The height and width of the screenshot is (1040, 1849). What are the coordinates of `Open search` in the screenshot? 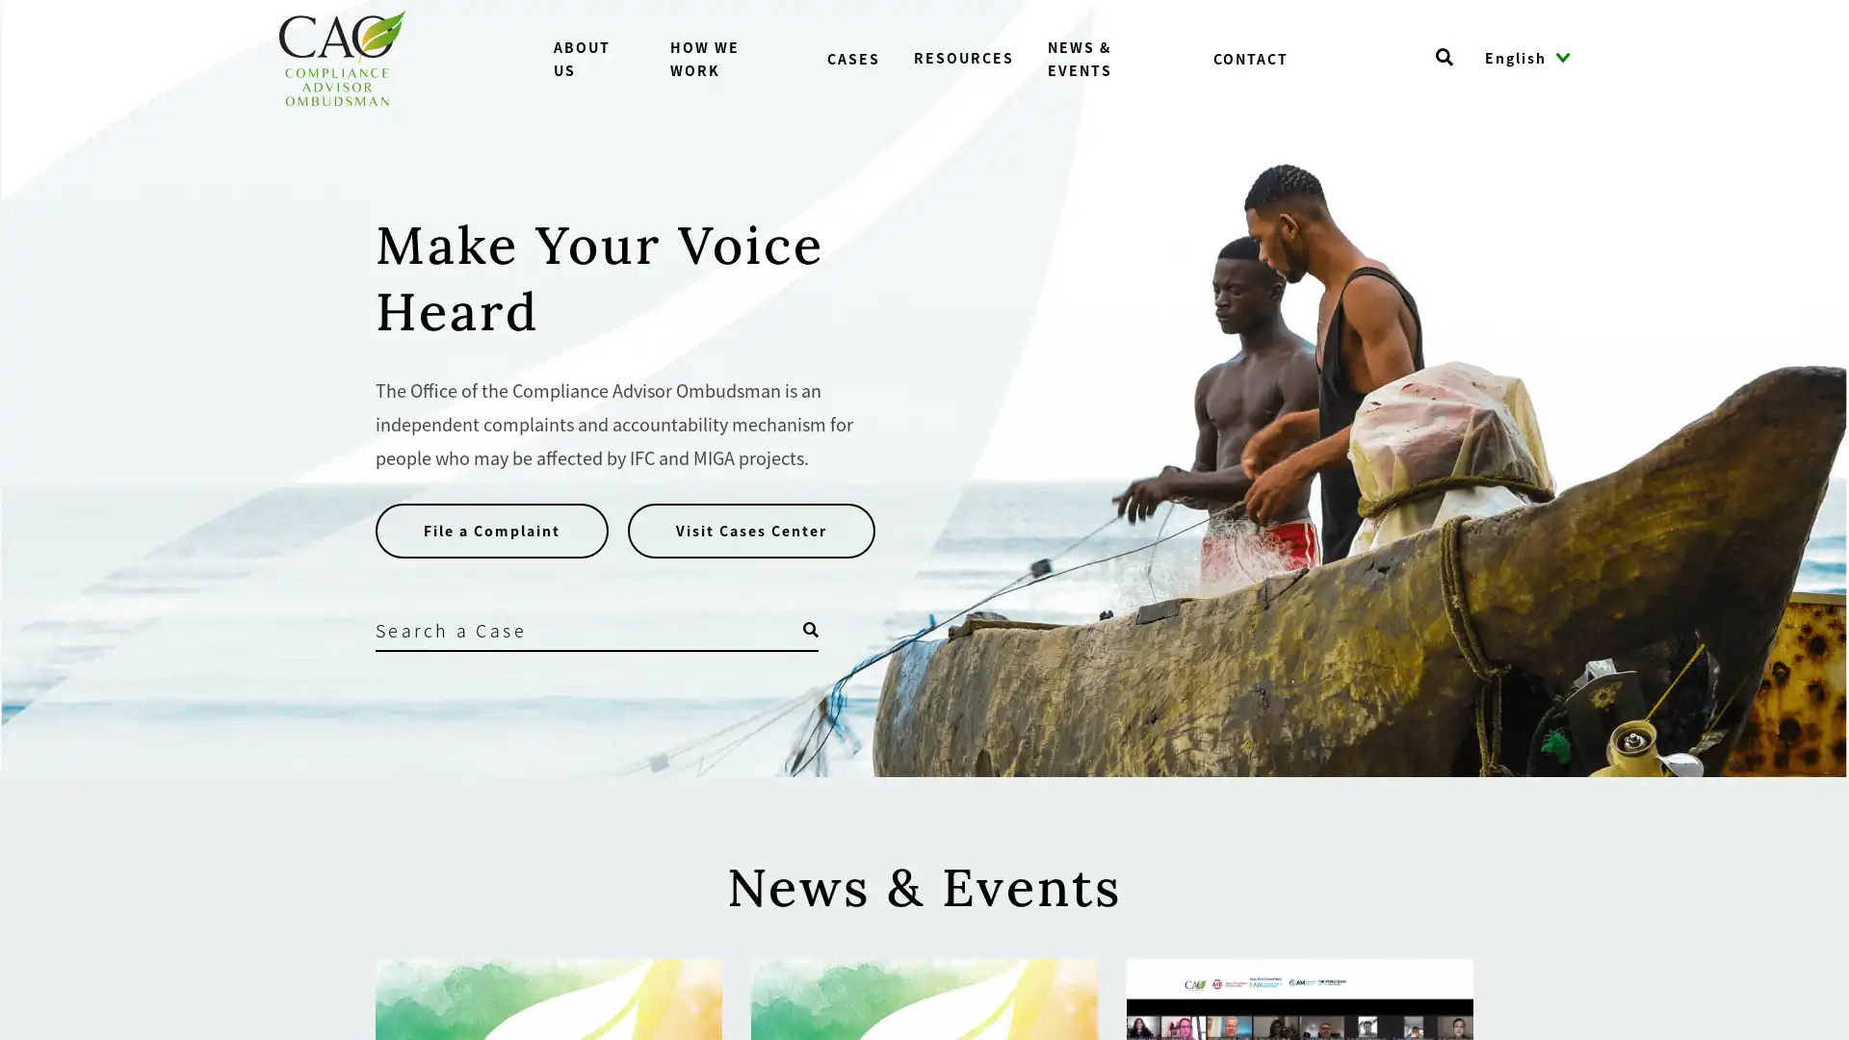 It's located at (1444, 57).